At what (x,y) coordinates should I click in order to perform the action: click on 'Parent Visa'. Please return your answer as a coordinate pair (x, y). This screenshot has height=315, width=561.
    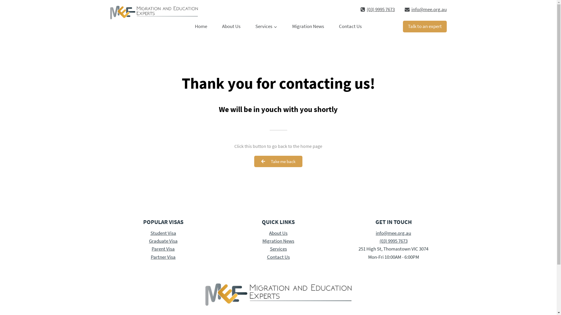
    Looking at the image, I should click on (163, 249).